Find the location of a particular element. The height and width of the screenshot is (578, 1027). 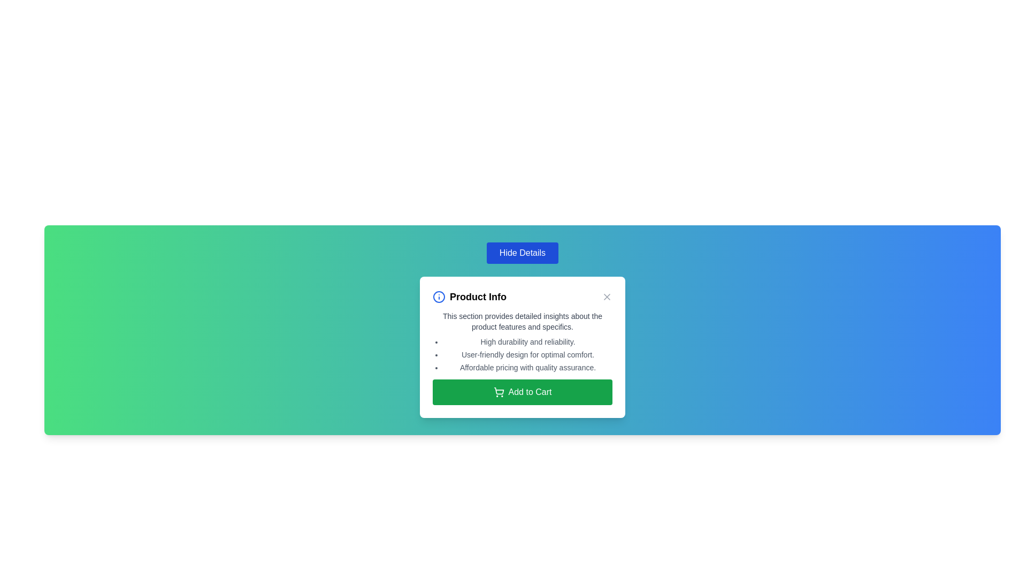

static informational text header element located at the top-left corner of the pop-up, which labels the information section below is located at coordinates (470, 297).